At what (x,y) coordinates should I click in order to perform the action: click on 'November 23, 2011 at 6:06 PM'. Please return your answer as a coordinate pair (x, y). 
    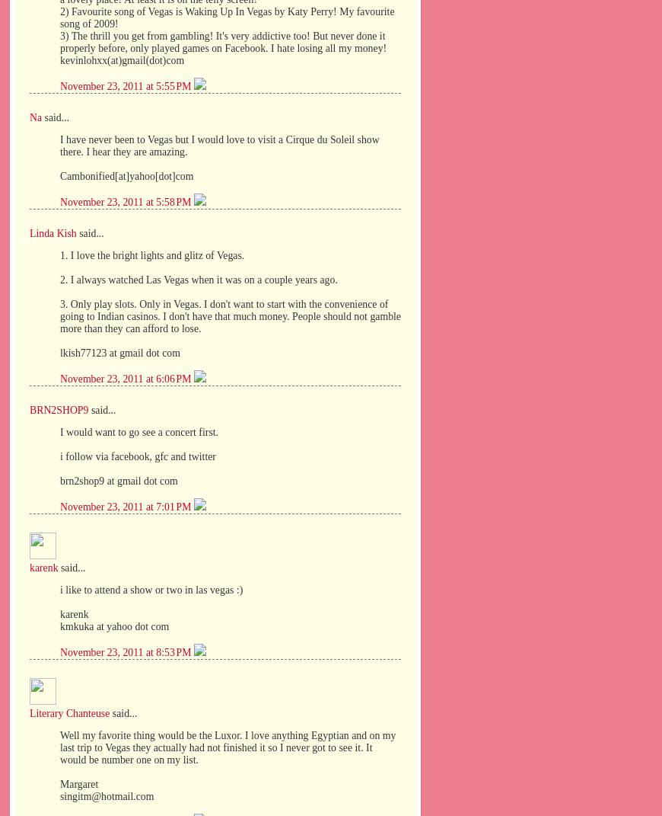
    Looking at the image, I should click on (126, 378).